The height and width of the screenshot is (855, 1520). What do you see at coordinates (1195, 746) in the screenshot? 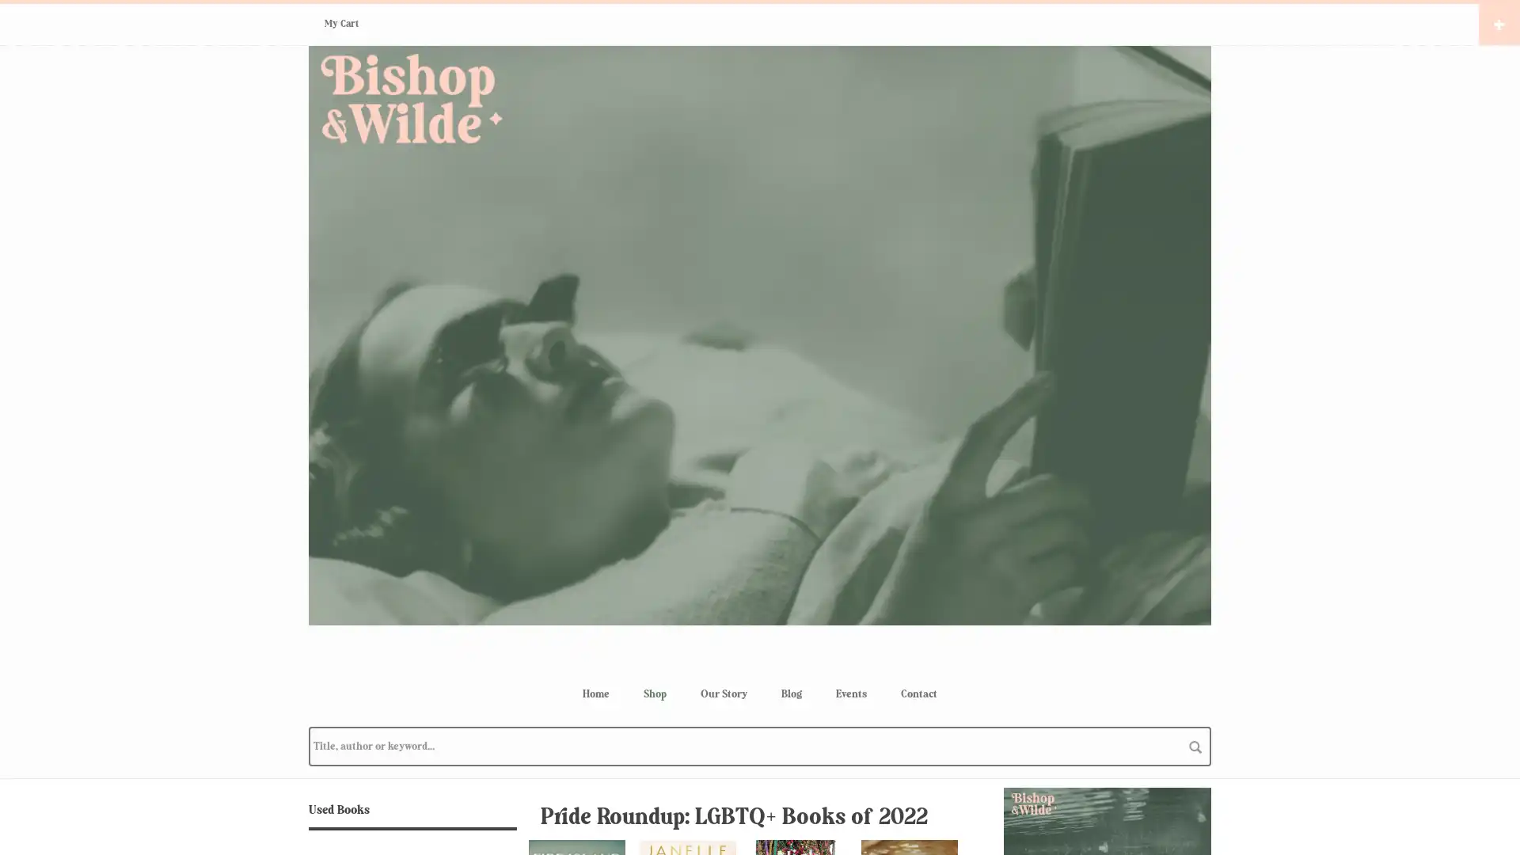
I see `search` at bounding box center [1195, 746].